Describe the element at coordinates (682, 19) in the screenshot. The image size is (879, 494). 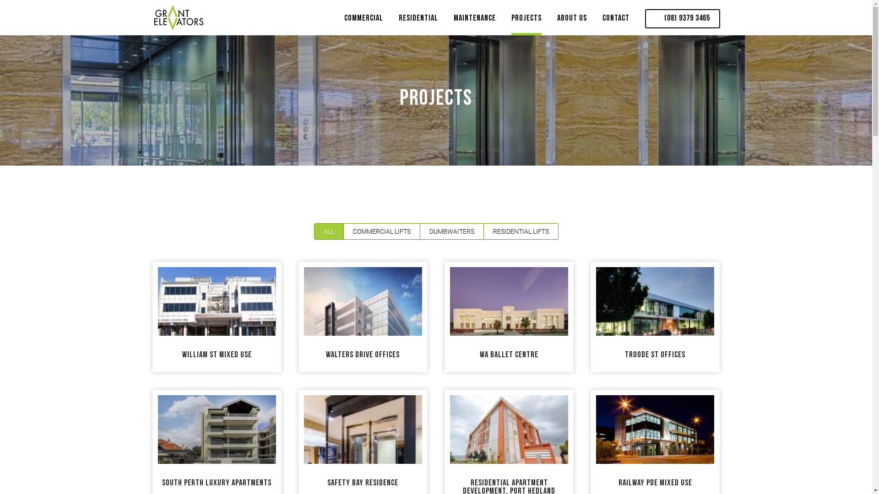
I see `'(08) 9379 3465'` at that location.